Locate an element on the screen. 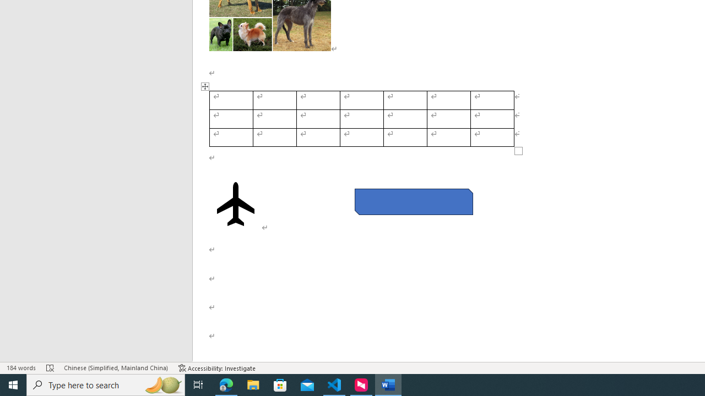  'Language Chinese (Simplified, Mainland China)' is located at coordinates (116, 368).